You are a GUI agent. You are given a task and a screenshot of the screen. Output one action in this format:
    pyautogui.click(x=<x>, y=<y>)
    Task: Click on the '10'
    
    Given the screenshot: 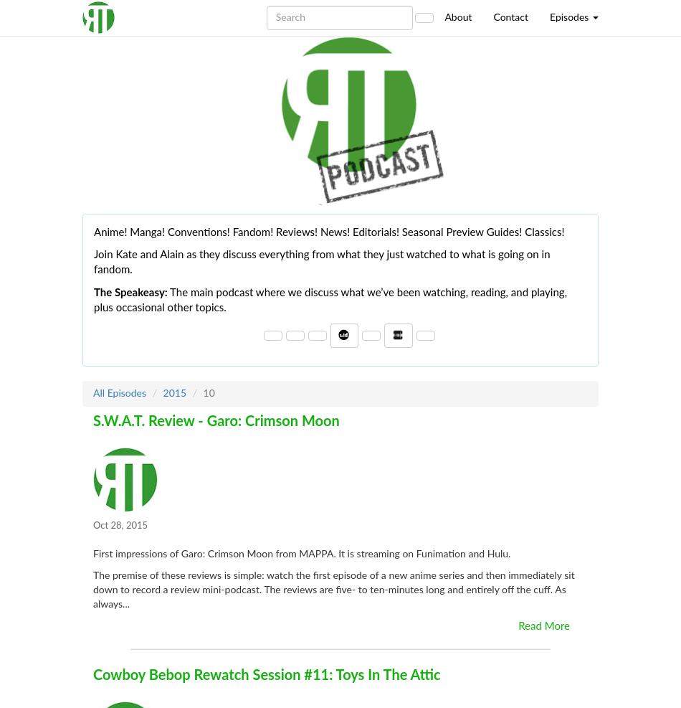 What is the action you would take?
    pyautogui.click(x=202, y=392)
    